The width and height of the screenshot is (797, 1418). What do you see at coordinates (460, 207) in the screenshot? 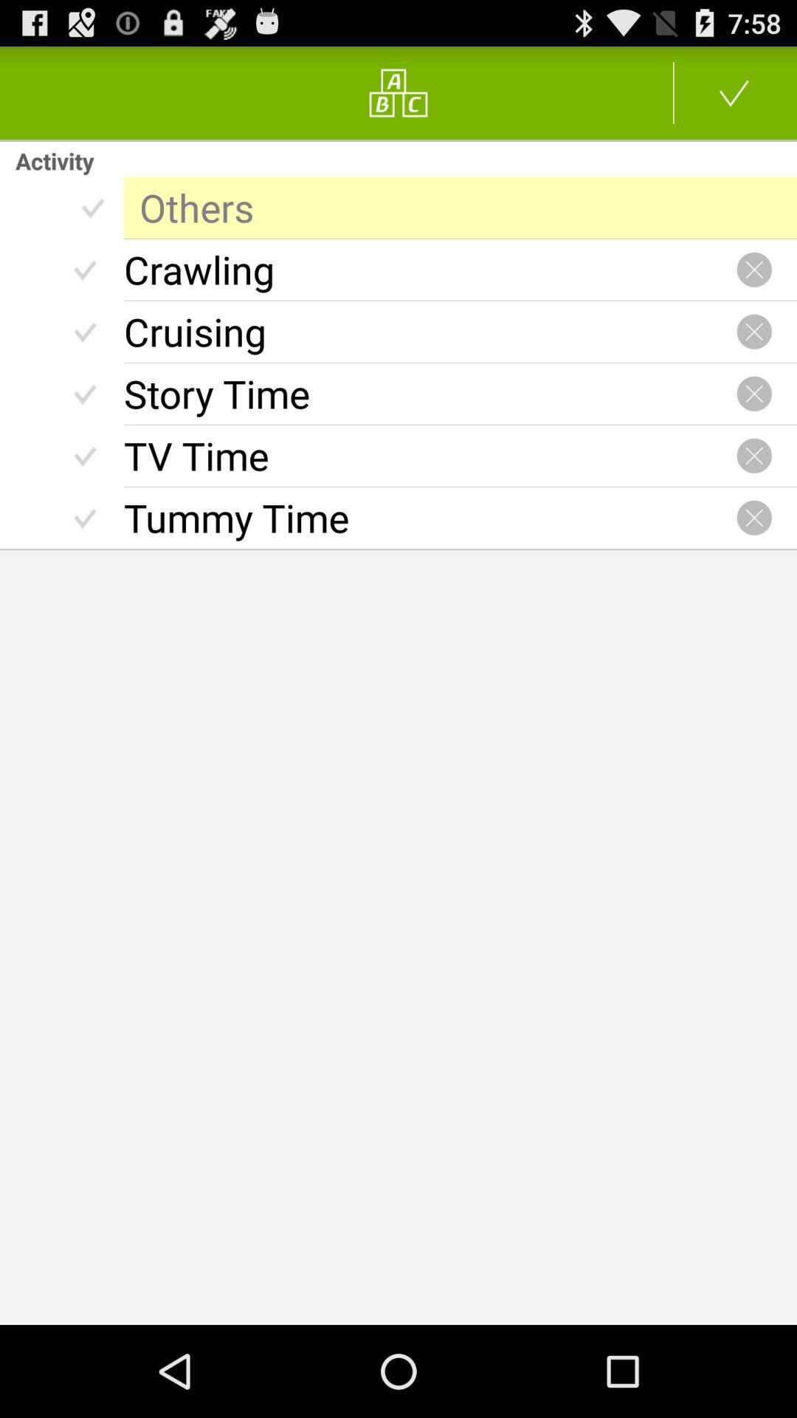
I see `the other box` at bounding box center [460, 207].